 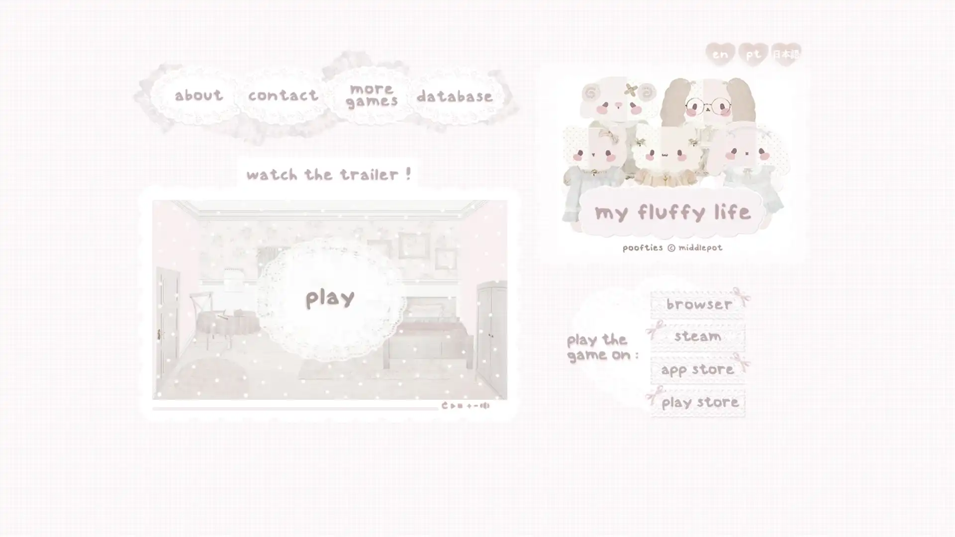 What do you see at coordinates (372, 337) in the screenshot?
I see `replay` at bounding box center [372, 337].